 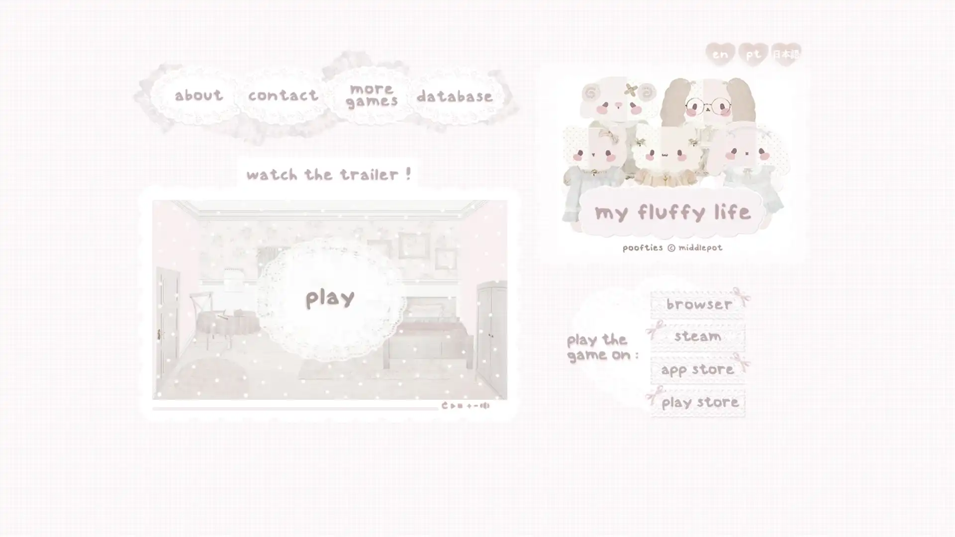 What do you see at coordinates (372, 337) in the screenshot?
I see `replay` at bounding box center [372, 337].